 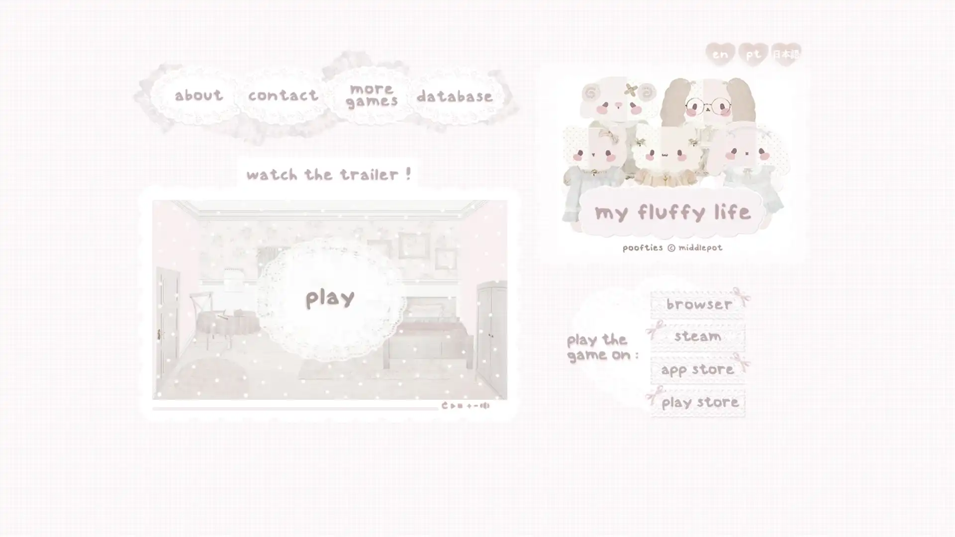 What do you see at coordinates (372, 337) in the screenshot?
I see `replay` at bounding box center [372, 337].